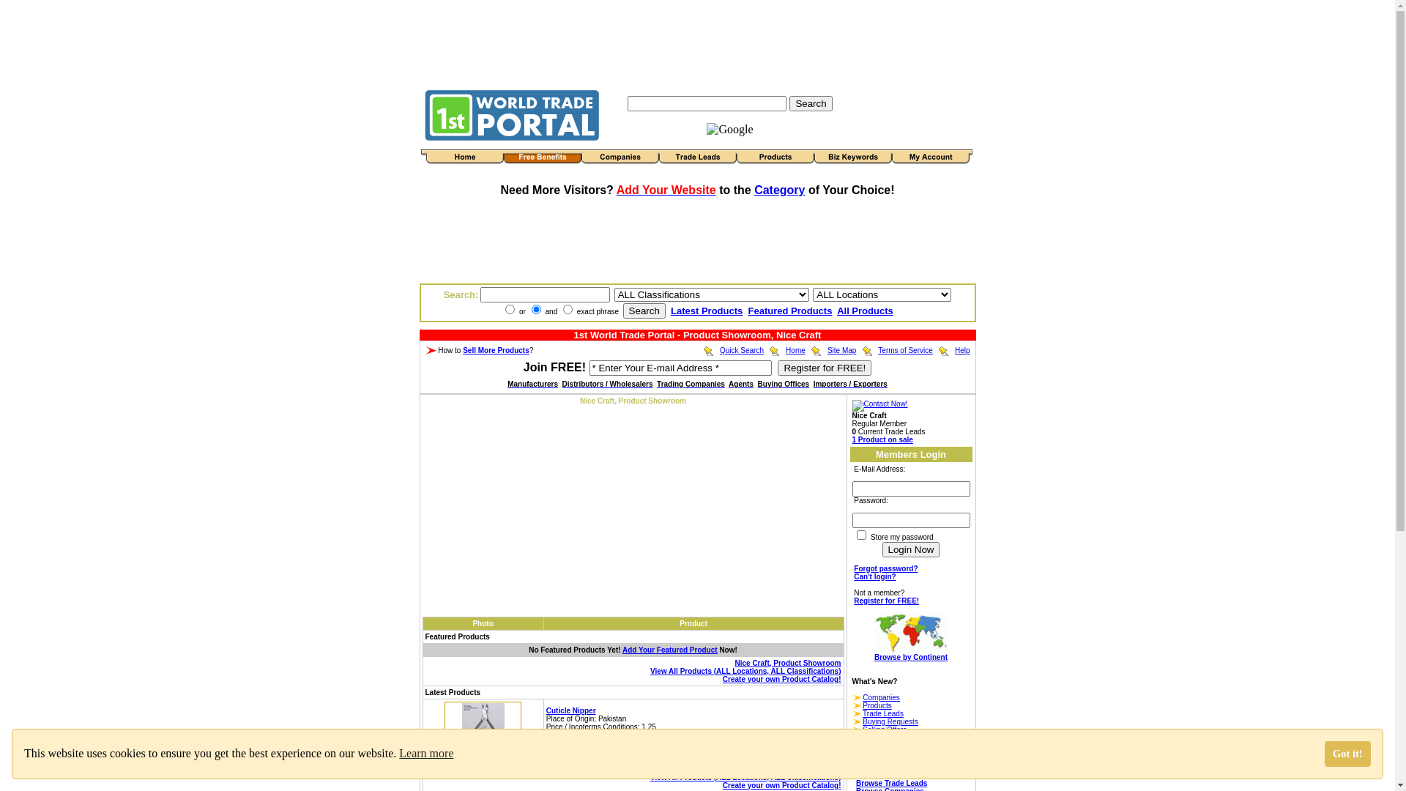 This screenshot has height=791, width=1406. What do you see at coordinates (910, 644) in the screenshot?
I see `'Browse by Continent'` at bounding box center [910, 644].